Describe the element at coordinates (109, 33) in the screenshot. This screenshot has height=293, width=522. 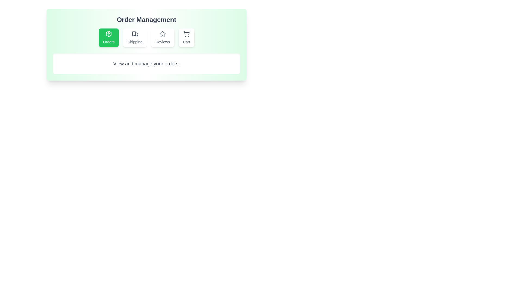
I see `the triangular graphical icon within the 'Orders' button, which is part of an SVG graphic located at the top left of the interface` at that location.